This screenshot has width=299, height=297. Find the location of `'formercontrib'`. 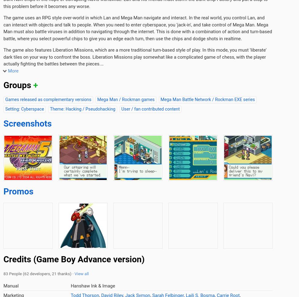

'formercontrib' is located at coordinates (78, 108).